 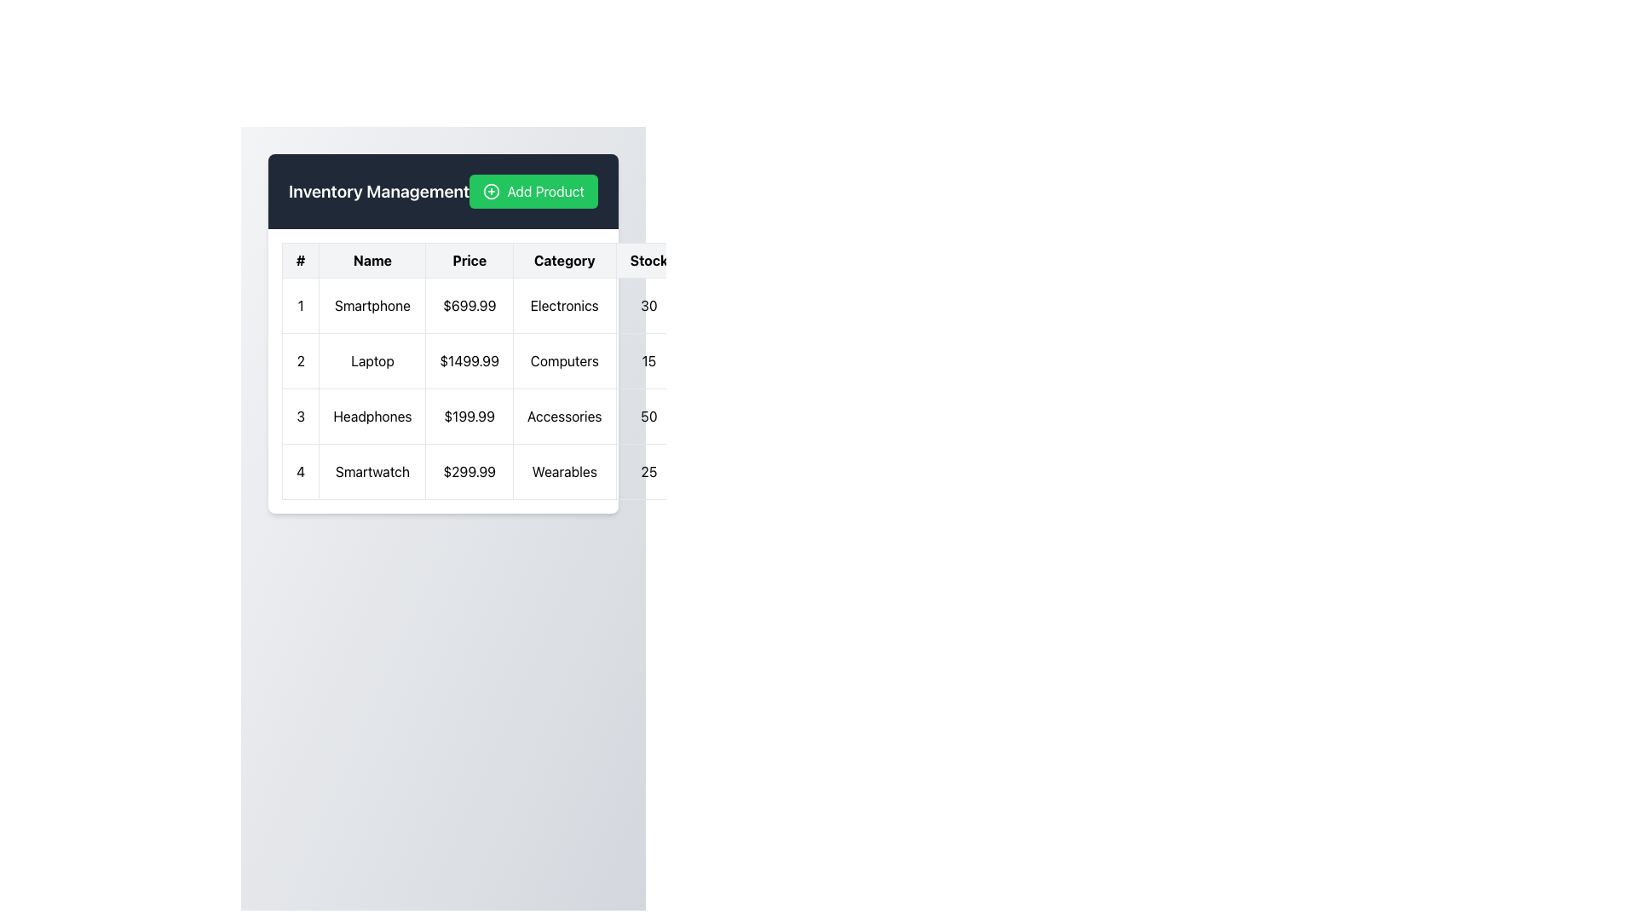 I want to click on text from the Table Header Cell, which is the first cell in the row and provides row numbering for the data below, so click(x=301, y=260).